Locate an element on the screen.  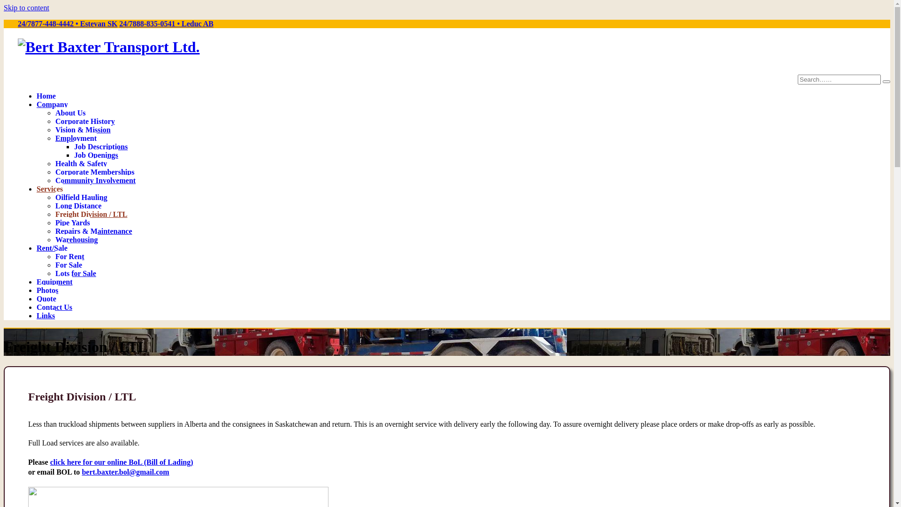
'Corporate History' is located at coordinates (85, 120).